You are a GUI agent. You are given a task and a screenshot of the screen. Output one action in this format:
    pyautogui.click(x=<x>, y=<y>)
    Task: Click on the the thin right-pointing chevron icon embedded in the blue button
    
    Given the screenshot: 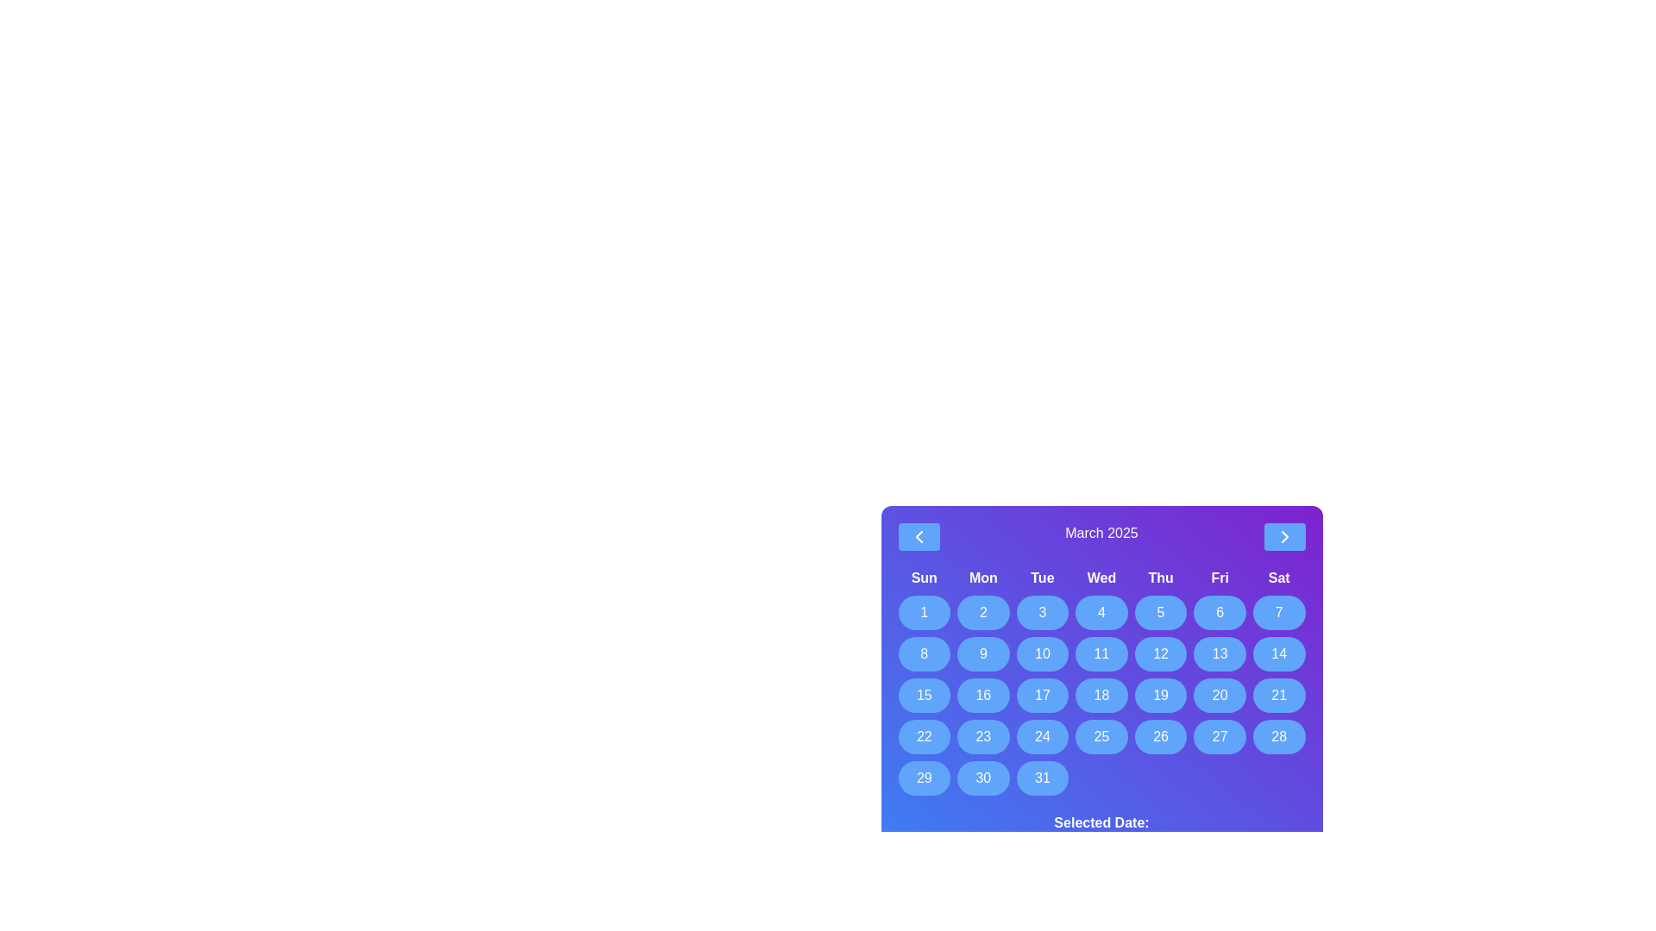 What is the action you would take?
    pyautogui.click(x=1284, y=536)
    